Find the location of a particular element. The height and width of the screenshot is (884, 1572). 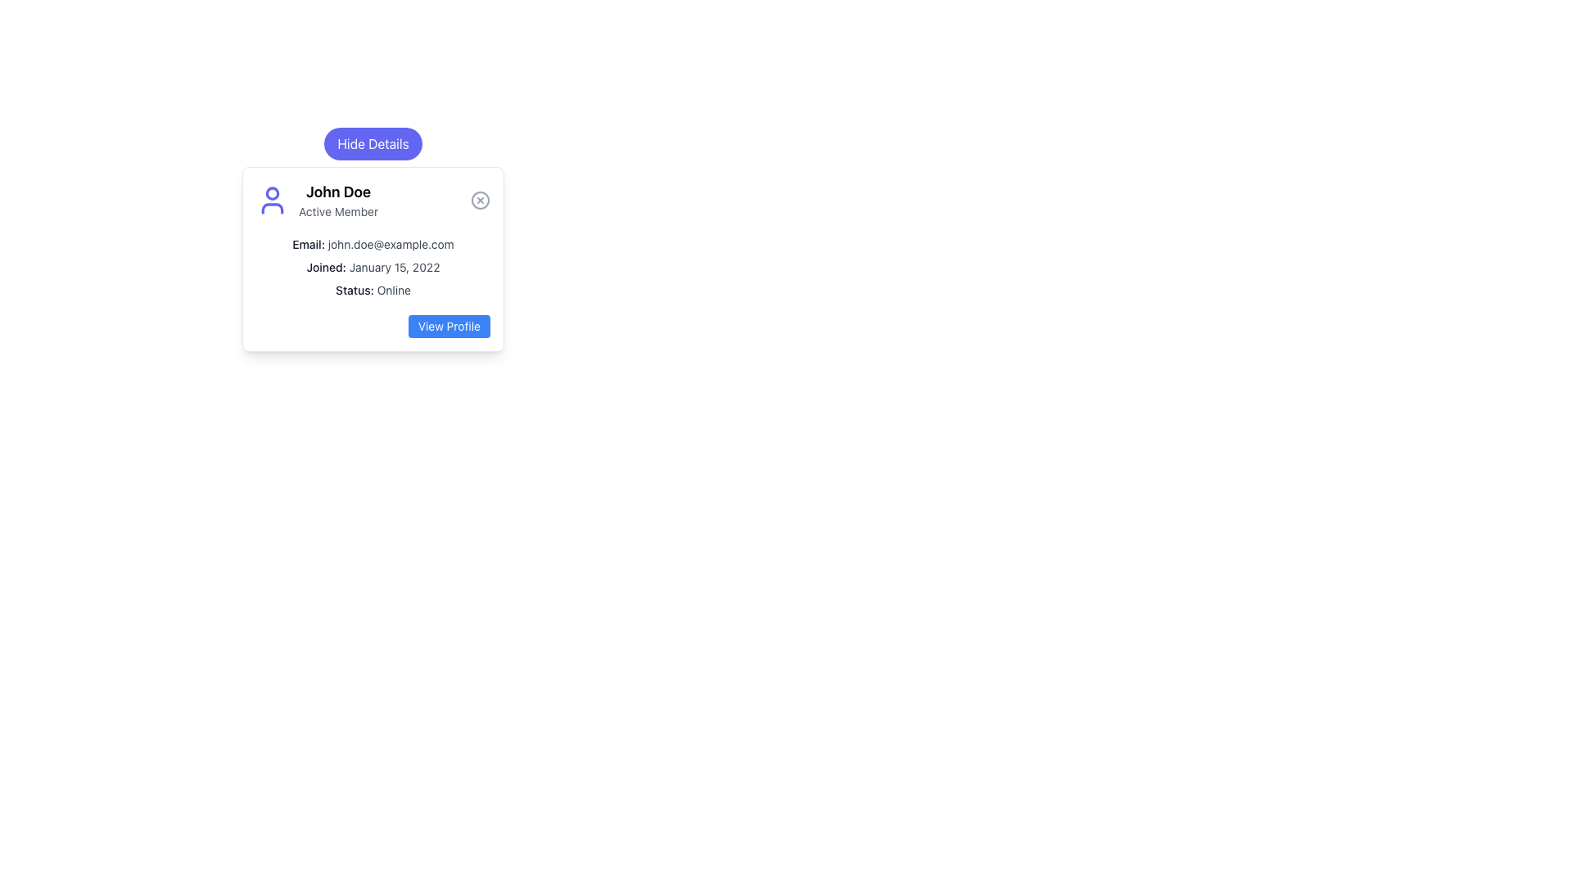

the button with rounded edges, styled in an indigo background labeled 'Hide Details' is located at coordinates (373, 143).